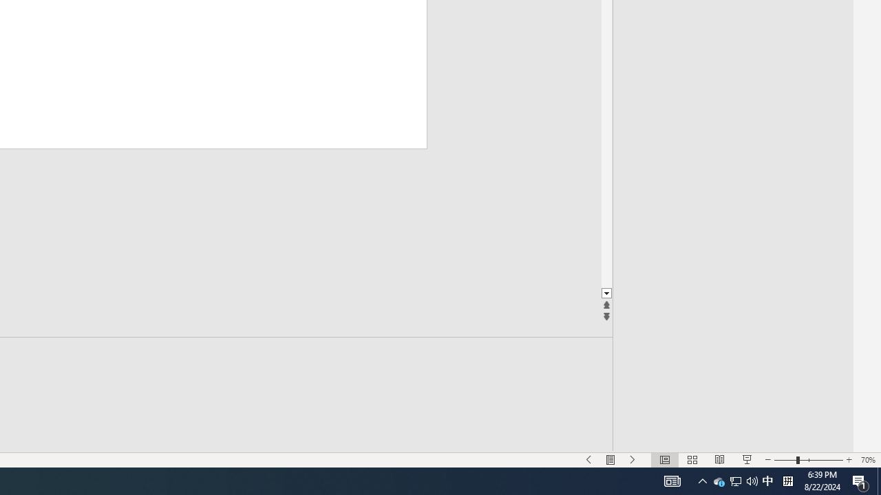 This screenshot has width=881, height=495. Describe the element at coordinates (664, 460) in the screenshot. I see `'Normal'` at that location.